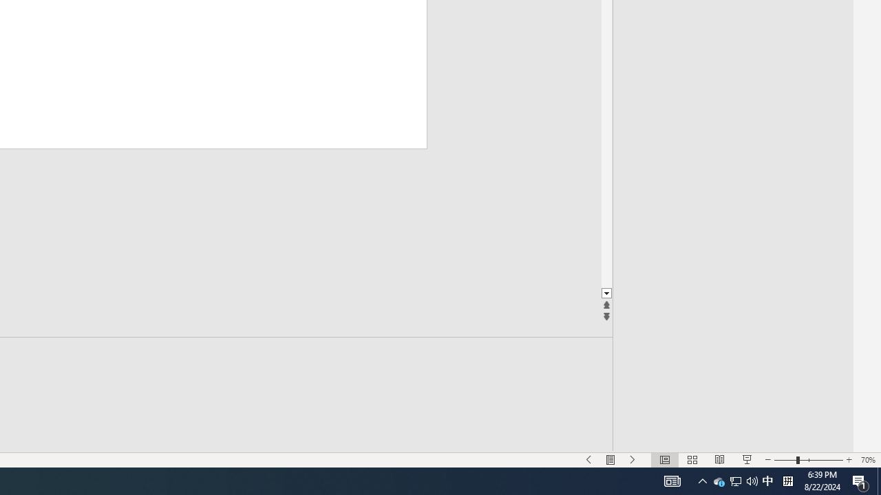 This screenshot has width=881, height=495. Describe the element at coordinates (664, 460) in the screenshot. I see `'Normal'` at that location.